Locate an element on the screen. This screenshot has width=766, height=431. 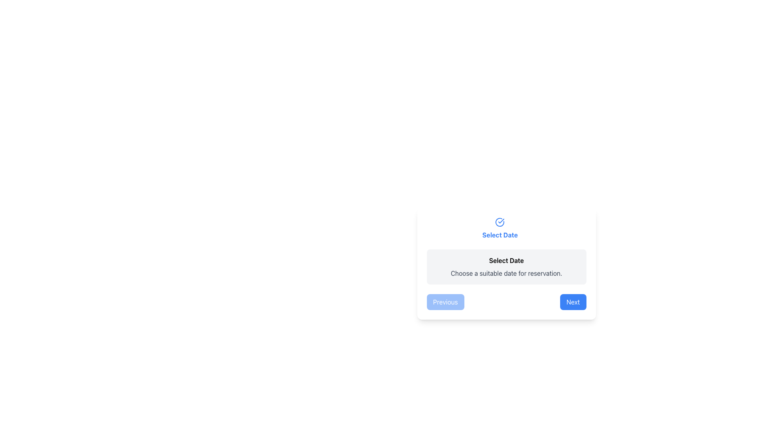
the text label prompting users to select a date, positioned below an icon and above another text block is located at coordinates (499, 235).